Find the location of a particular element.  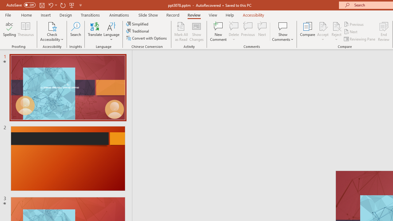

'Mark All as Read' is located at coordinates (181, 32).